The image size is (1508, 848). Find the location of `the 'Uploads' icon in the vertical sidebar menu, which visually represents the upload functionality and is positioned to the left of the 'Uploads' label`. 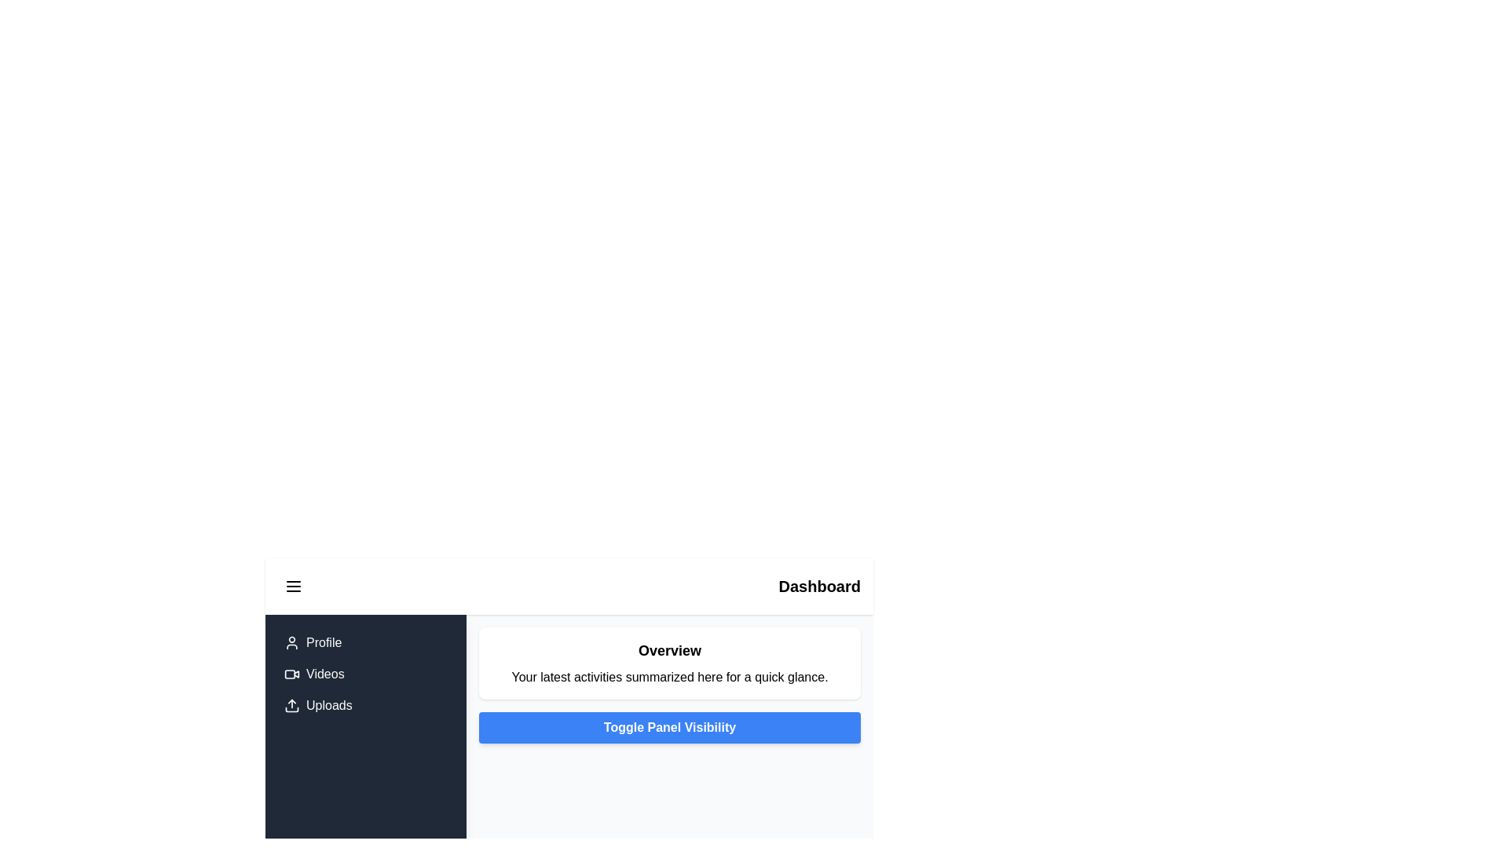

the 'Uploads' icon in the vertical sidebar menu, which visually represents the upload functionality and is positioned to the left of the 'Uploads' label is located at coordinates (292, 704).